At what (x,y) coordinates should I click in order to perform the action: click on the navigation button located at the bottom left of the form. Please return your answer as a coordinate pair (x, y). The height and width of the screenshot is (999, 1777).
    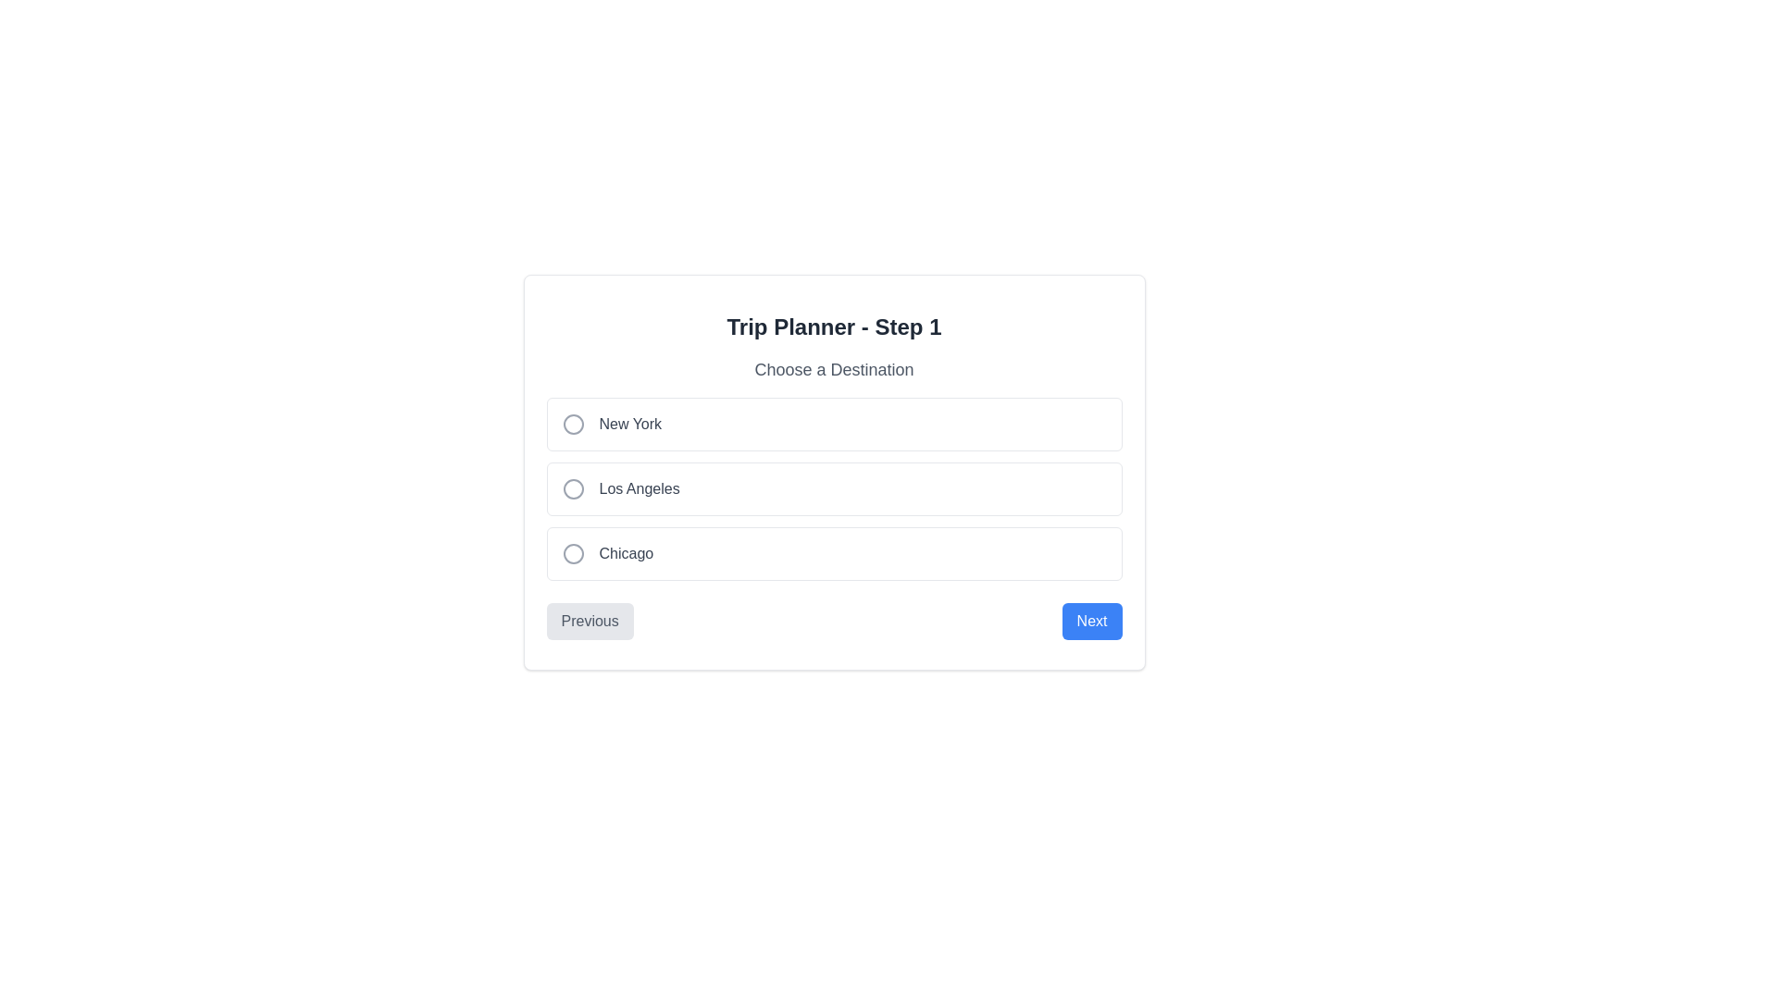
    Looking at the image, I should click on (589, 621).